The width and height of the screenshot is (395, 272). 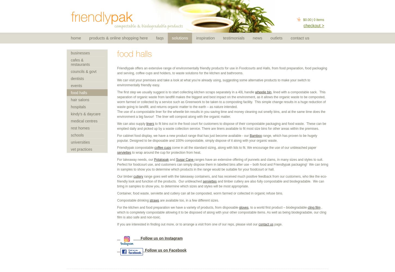 I want to click on 'contact us', so click(x=266, y=224).